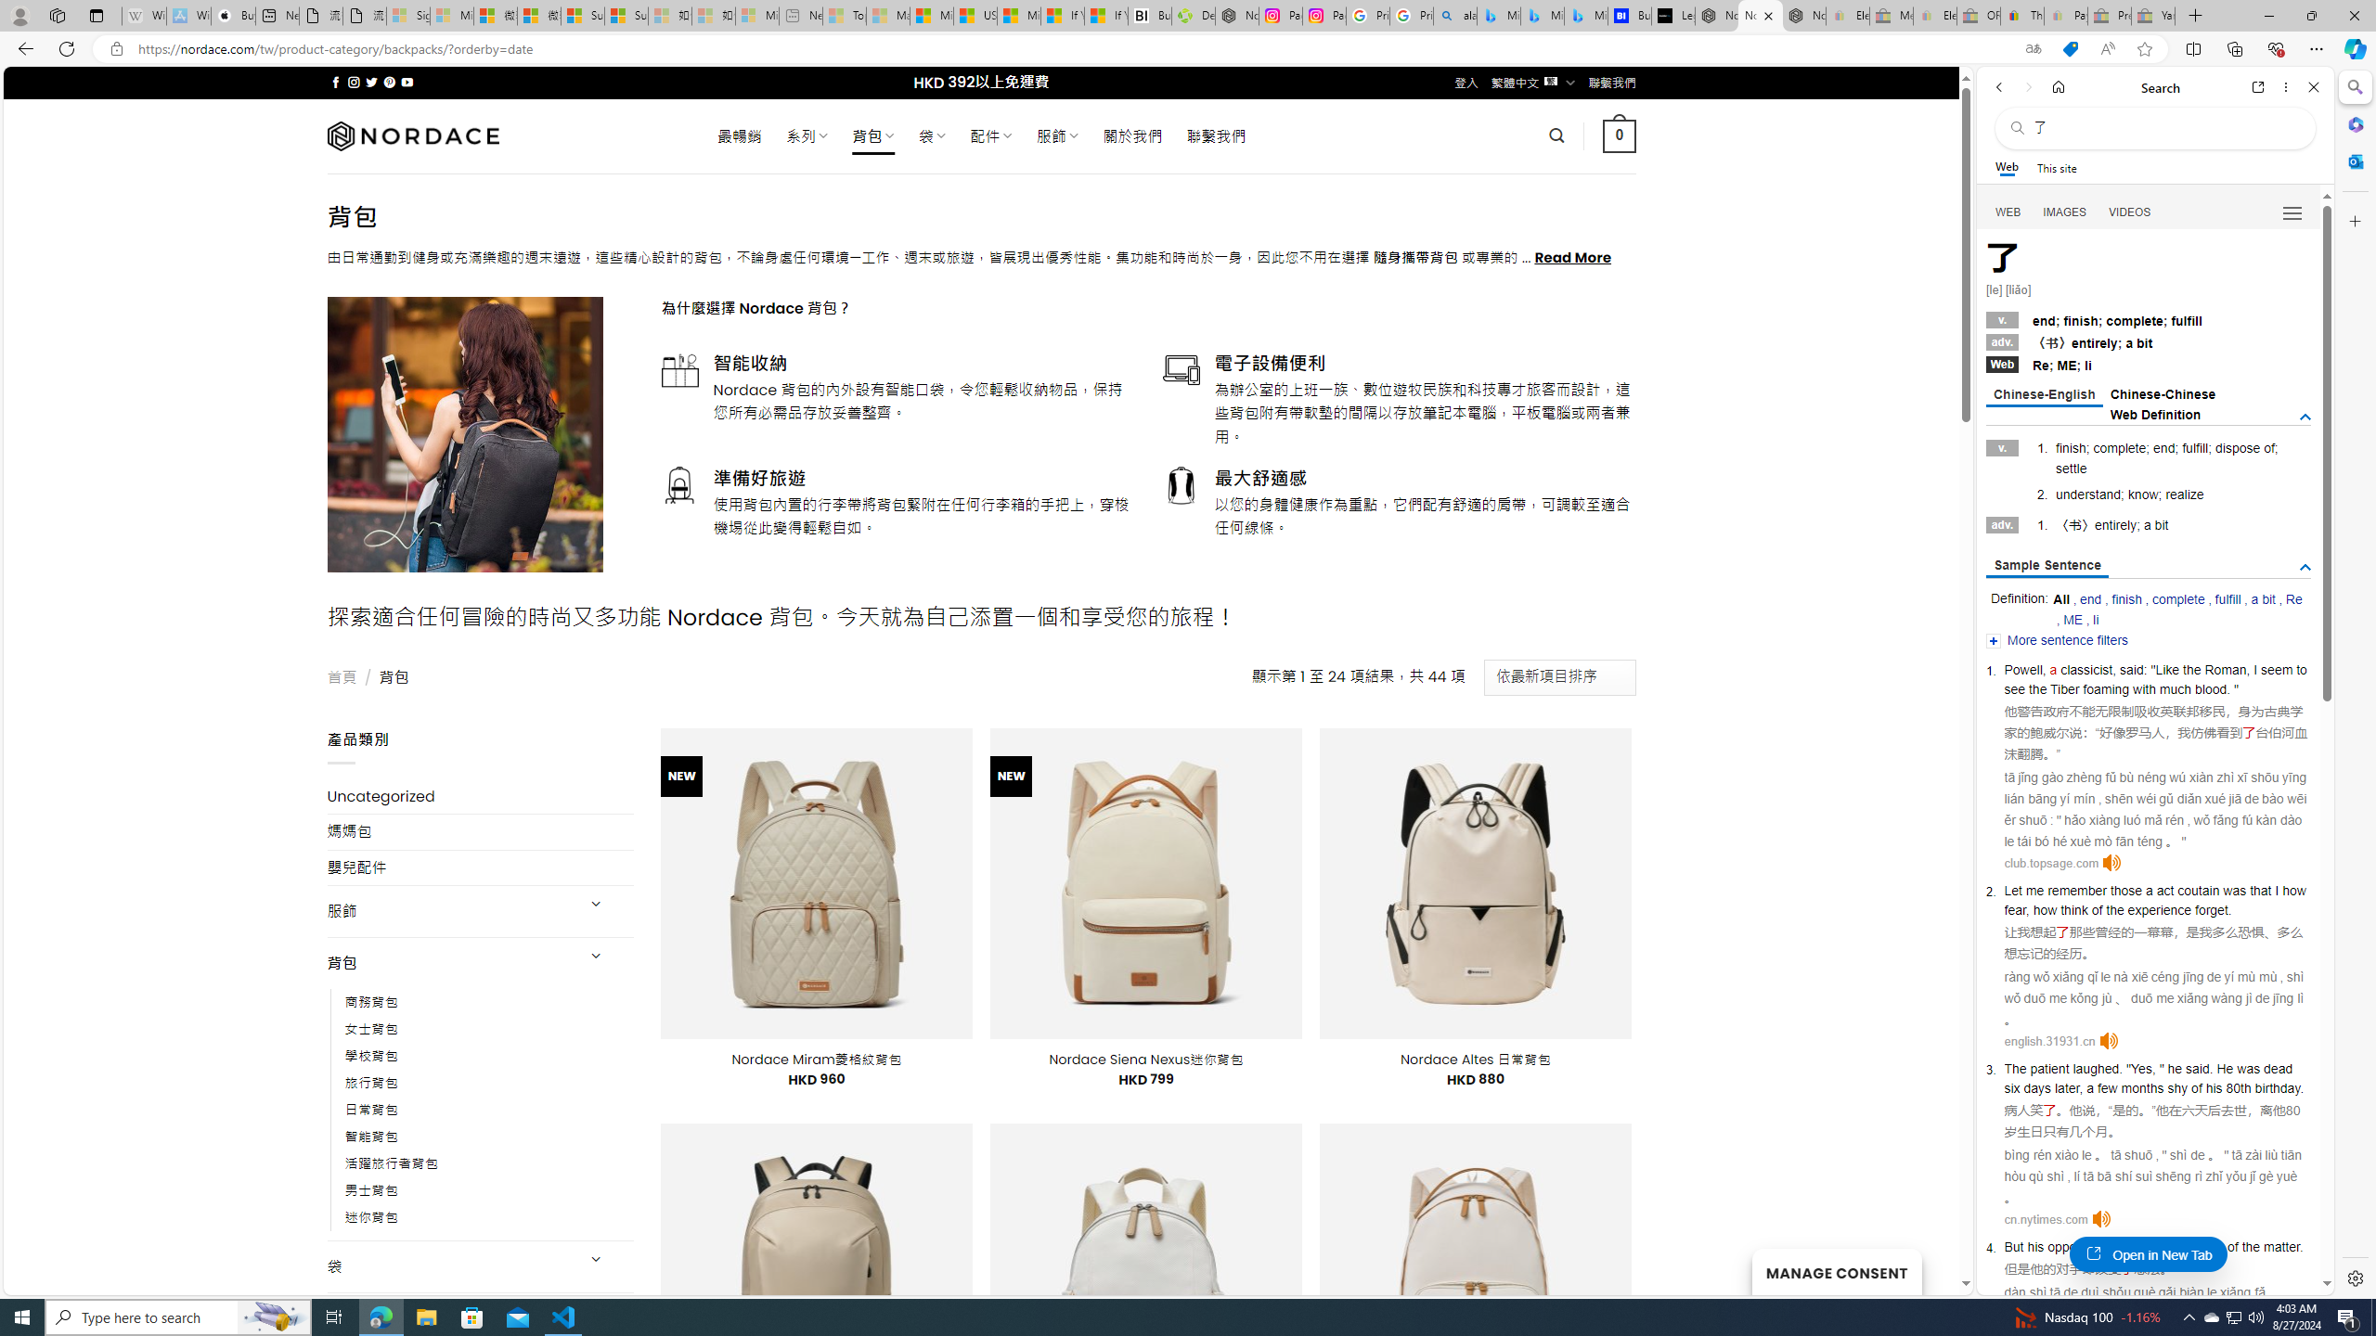 The image size is (2376, 1336). What do you see at coordinates (2108, 15) in the screenshot?
I see `'Press Room - eBay Inc. - Sleeping'` at bounding box center [2108, 15].